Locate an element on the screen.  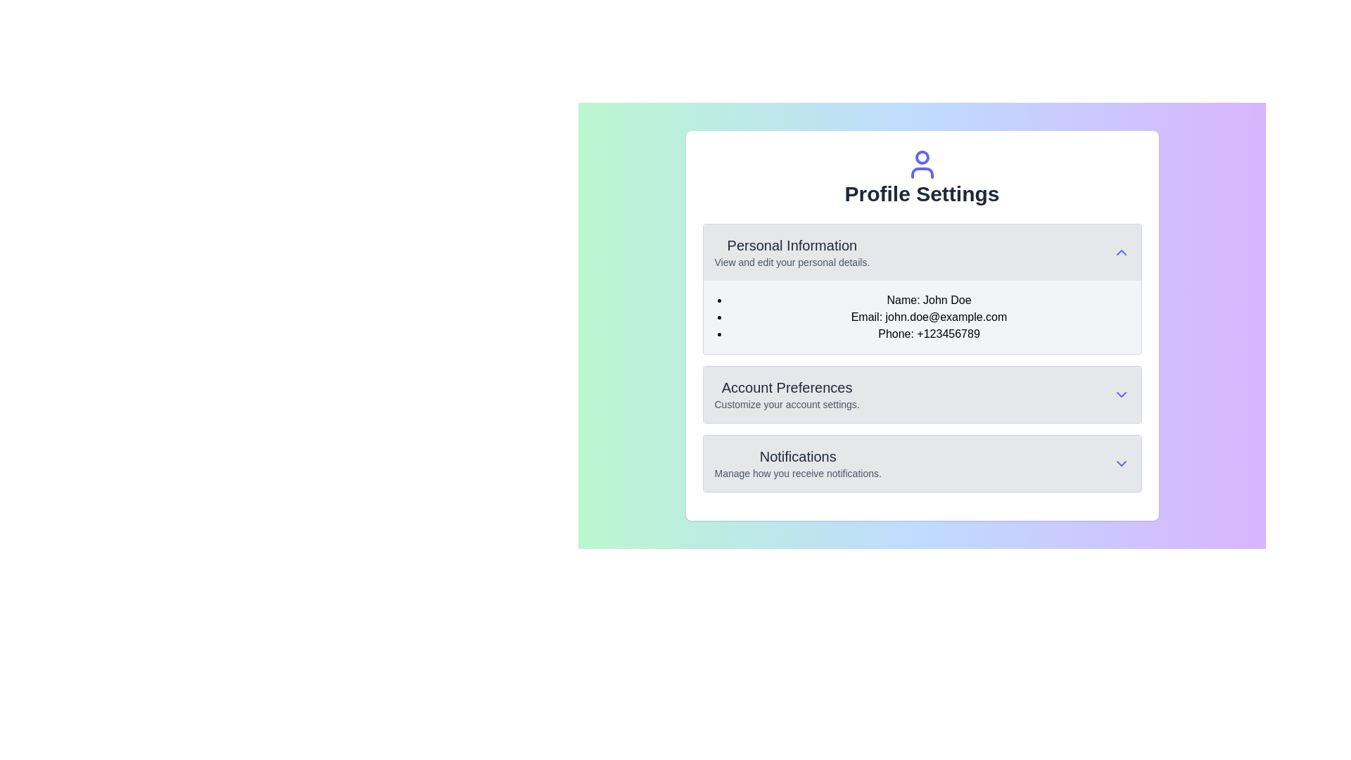
the 'Profile Settings' text label, which serves as the title for the current section of the interface, positioned centrally below the user icon is located at coordinates (922, 194).